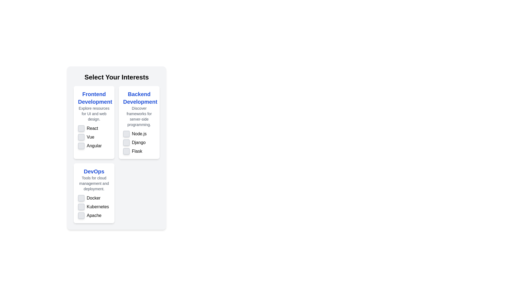 This screenshot has height=294, width=522. Describe the element at coordinates (139, 151) in the screenshot. I see `the checkbox labeled 'Flask'` at that location.